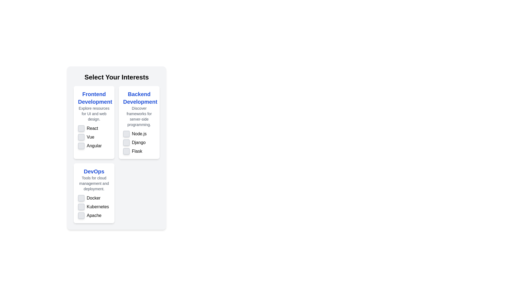 This screenshot has height=294, width=522. Describe the element at coordinates (139, 151) in the screenshot. I see `the checkbox labeled 'Flask'` at that location.